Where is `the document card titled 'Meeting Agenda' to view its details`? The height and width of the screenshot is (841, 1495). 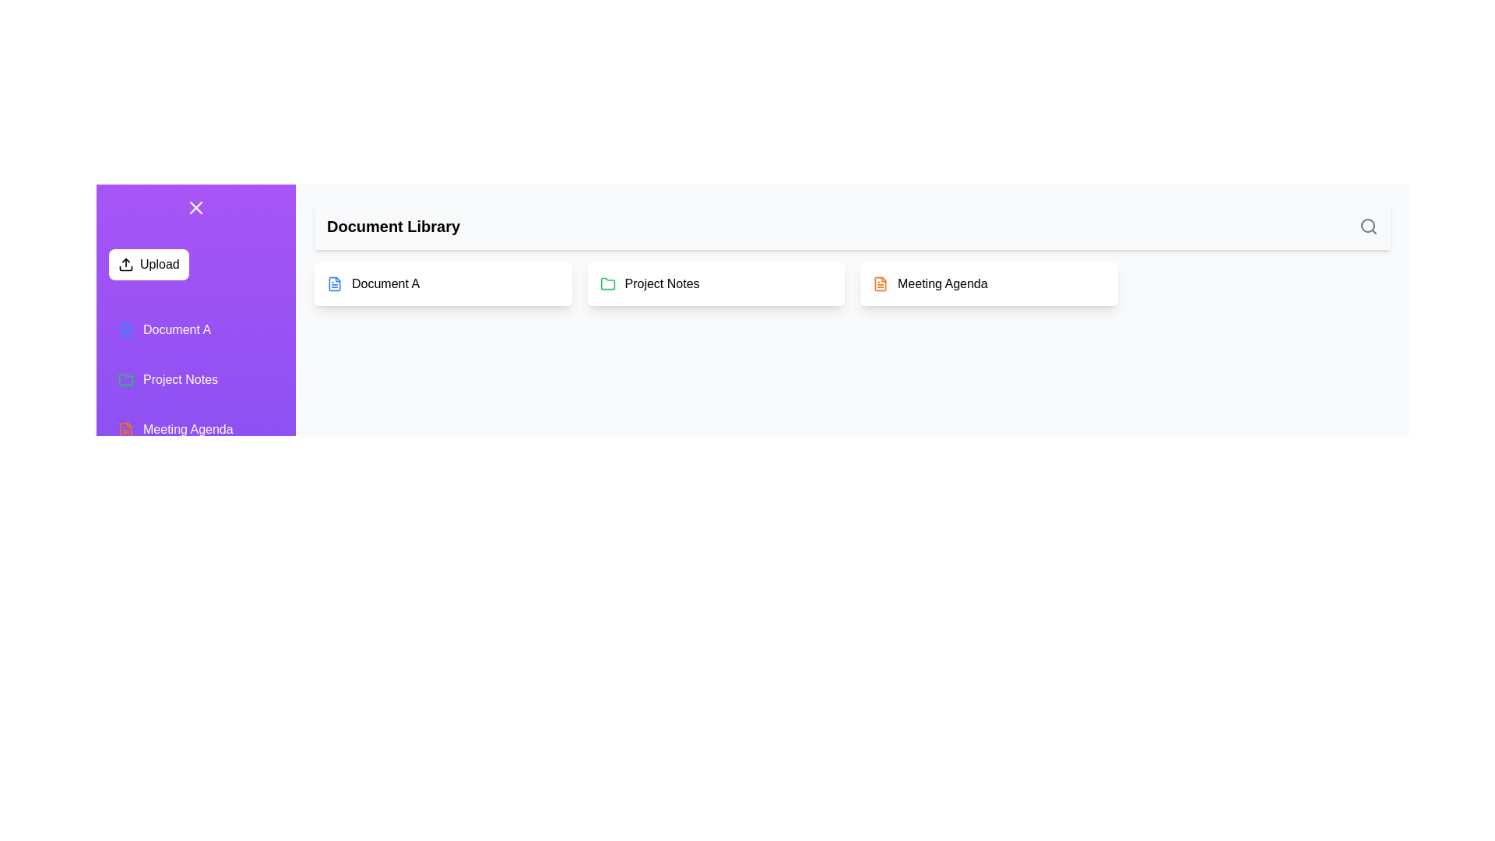
the document card titled 'Meeting Agenda' to view its details is located at coordinates (988, 284).